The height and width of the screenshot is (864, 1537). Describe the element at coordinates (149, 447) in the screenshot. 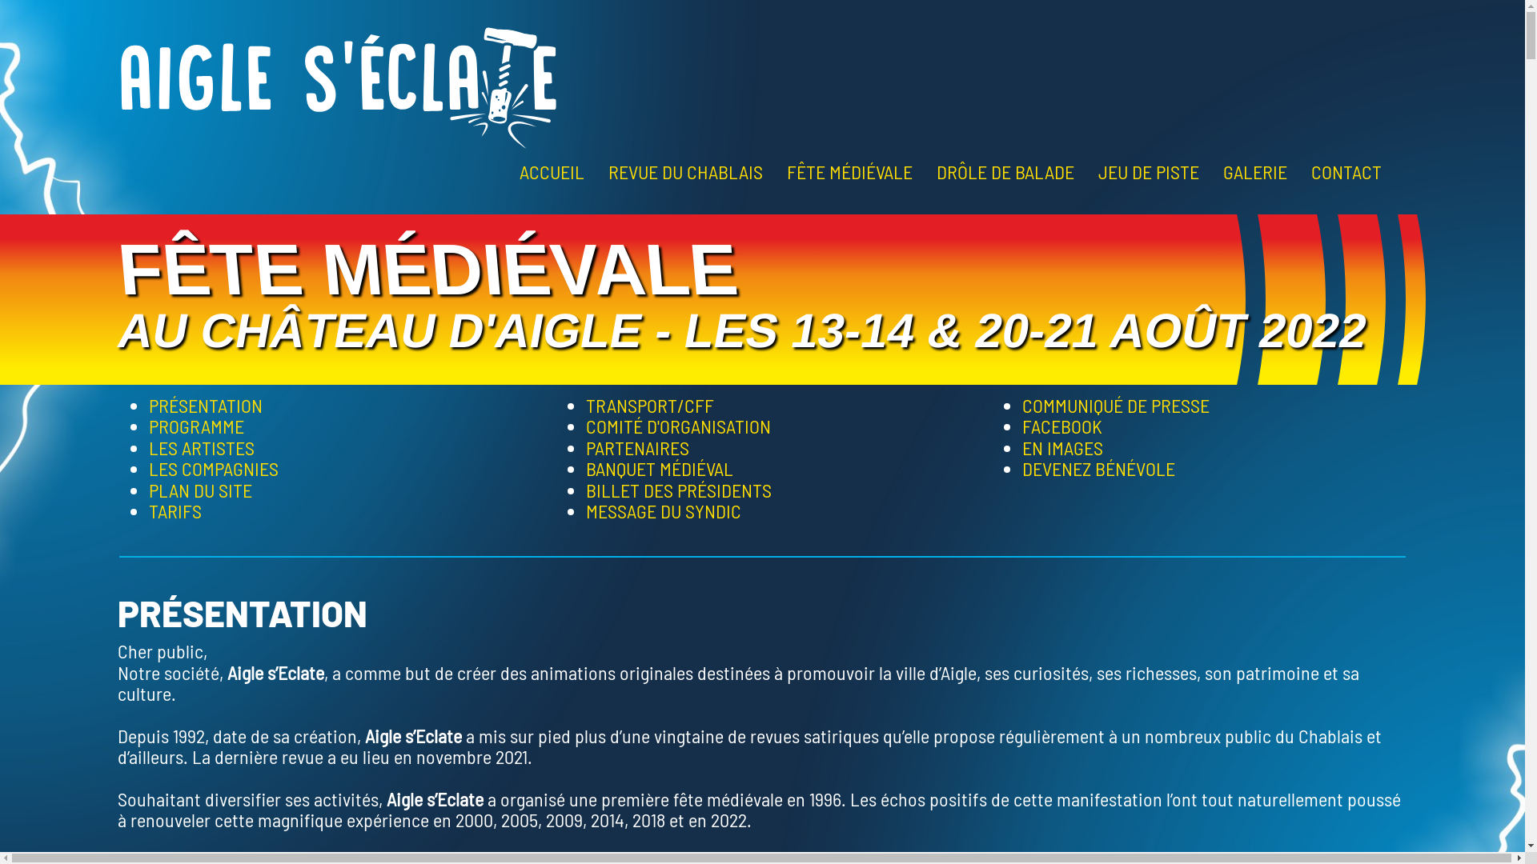

I see `'LES ARTISTES'` at that location.